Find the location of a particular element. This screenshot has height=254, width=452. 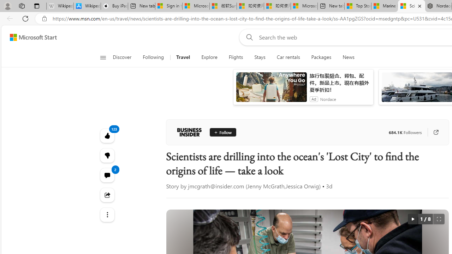

'Nordace' is located at coordinates (328, 99).